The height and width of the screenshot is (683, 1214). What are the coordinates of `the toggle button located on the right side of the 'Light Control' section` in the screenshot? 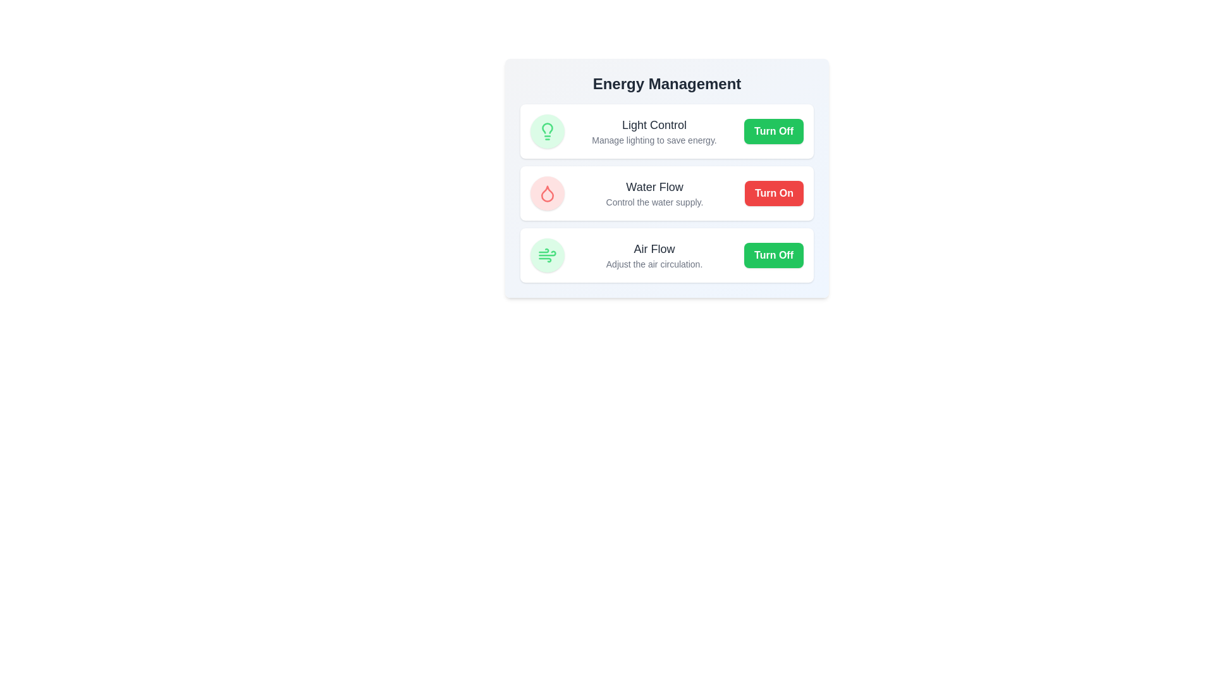 It's located at (773, 132).